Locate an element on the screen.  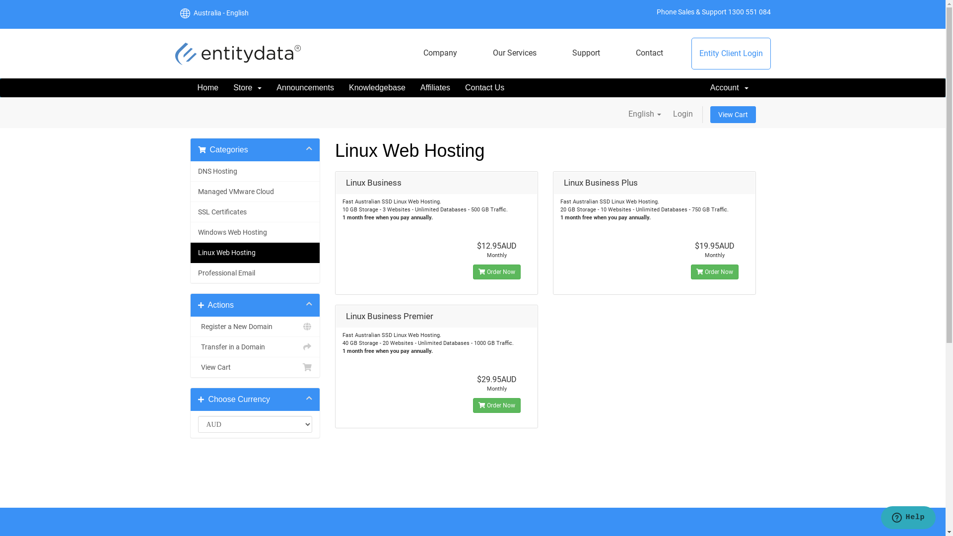
'English' is located at coordinates (623, 114).